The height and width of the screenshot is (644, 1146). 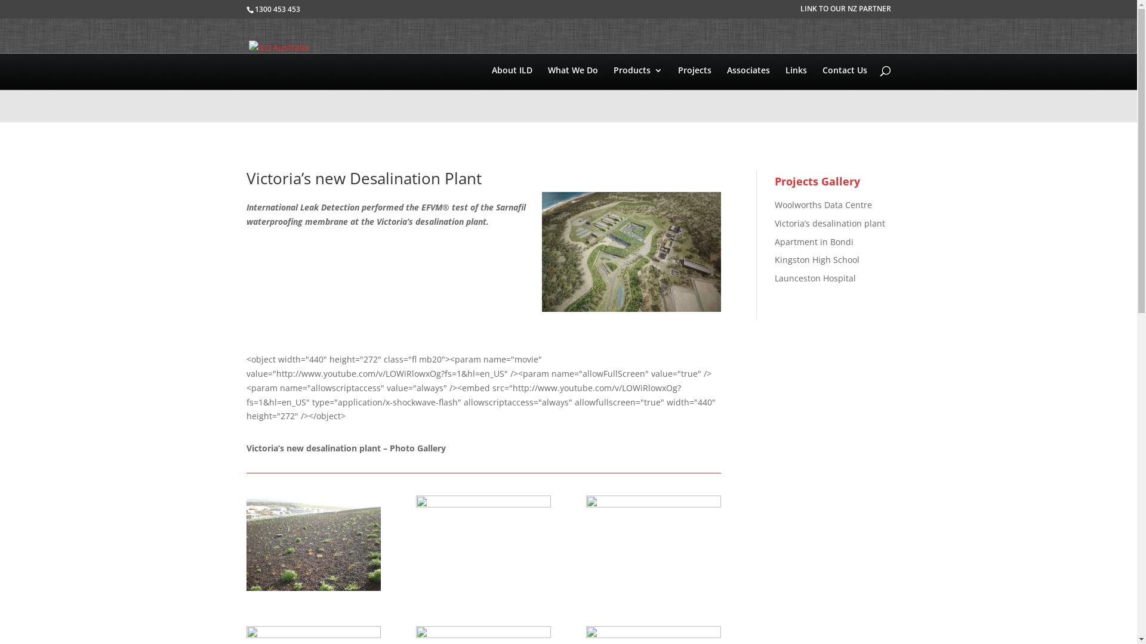 What do you see at coordinates (637, 94) in the screenshot?
I see `'Products'` at bounding box center [637, 94].